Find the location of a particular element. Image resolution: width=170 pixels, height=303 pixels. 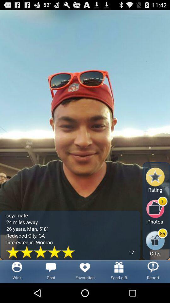

button to the left of send gift item is located at coordinates (85, 271).